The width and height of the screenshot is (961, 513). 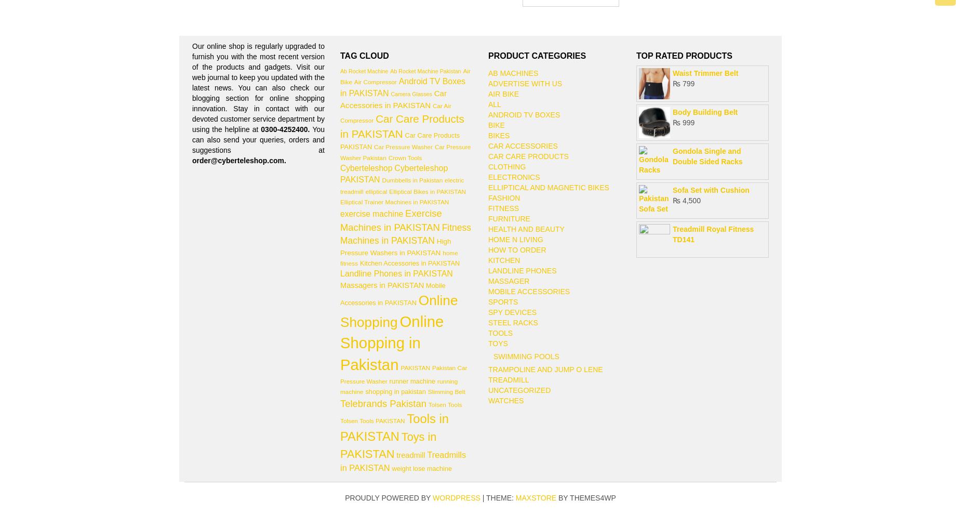 What do you see at coordinates (487, 125) in the screenshot?
I see `'Bike'` at bounding box center [487, 125].